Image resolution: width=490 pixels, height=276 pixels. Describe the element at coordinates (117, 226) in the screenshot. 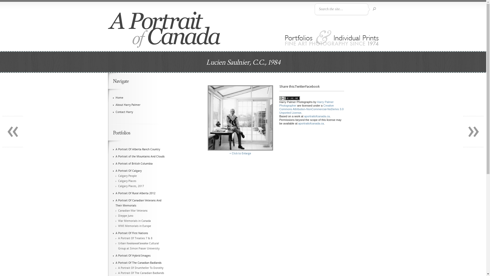

I see `'WWI Memorials in Europe'` at that location.